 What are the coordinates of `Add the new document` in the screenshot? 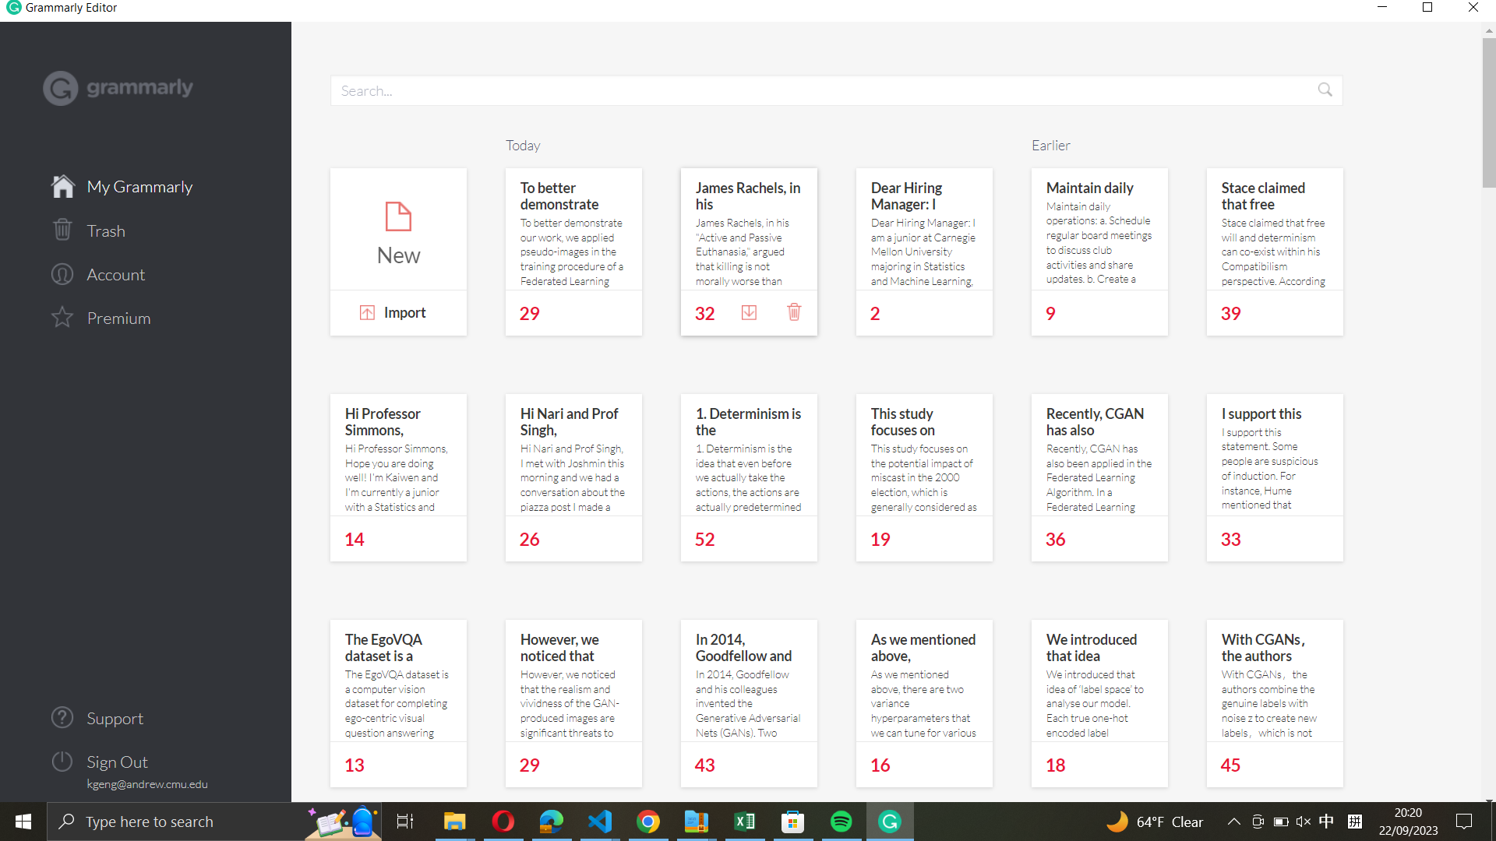 It's located at (398, 230).